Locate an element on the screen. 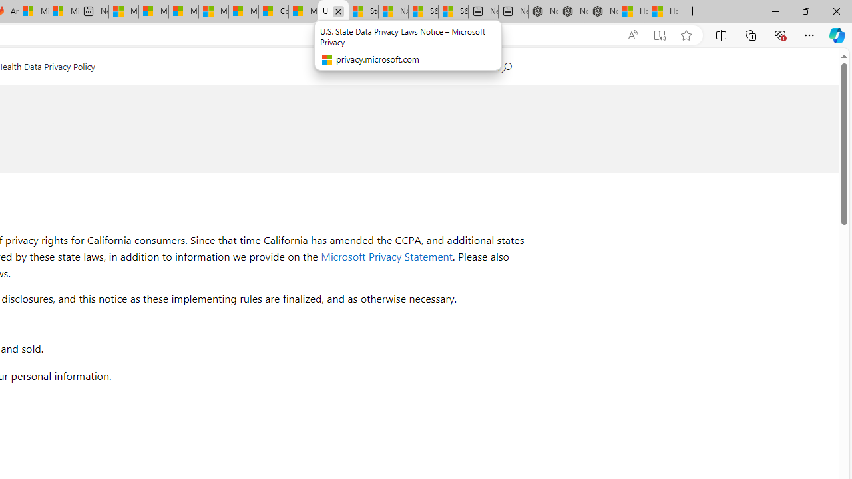 The width and height of the screenshot is (852, 479). 'Microsoft account | Home' is located at coordinates (182, 11).